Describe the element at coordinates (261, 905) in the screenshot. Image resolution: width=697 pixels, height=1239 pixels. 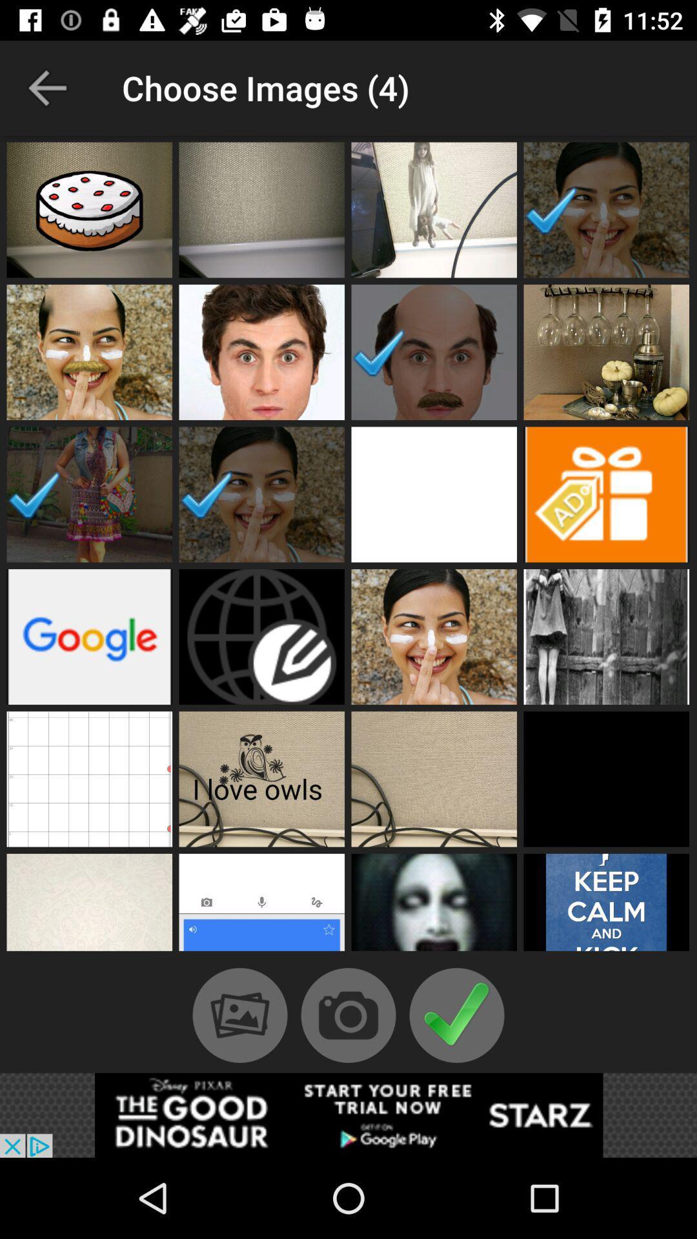
I see `click on picture` at that location.